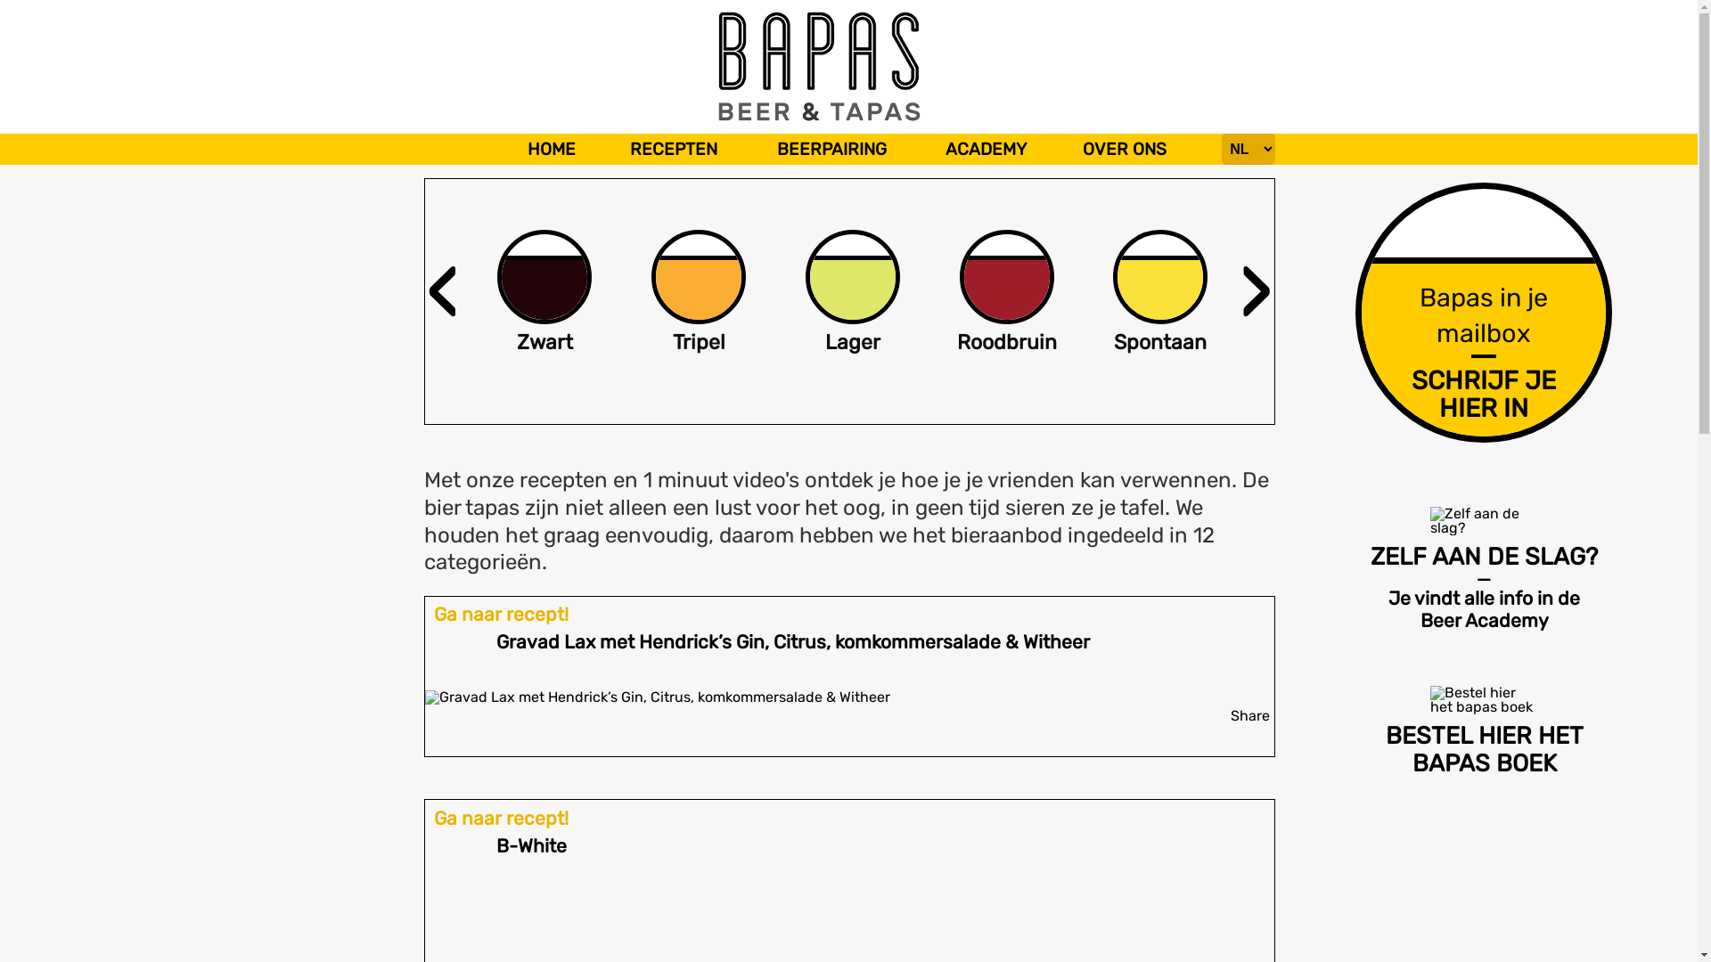  What do you see at coordinates (1124, 148) in the screenshot?
I see `'OVER ONS'` at bounding box center [1124, 148].